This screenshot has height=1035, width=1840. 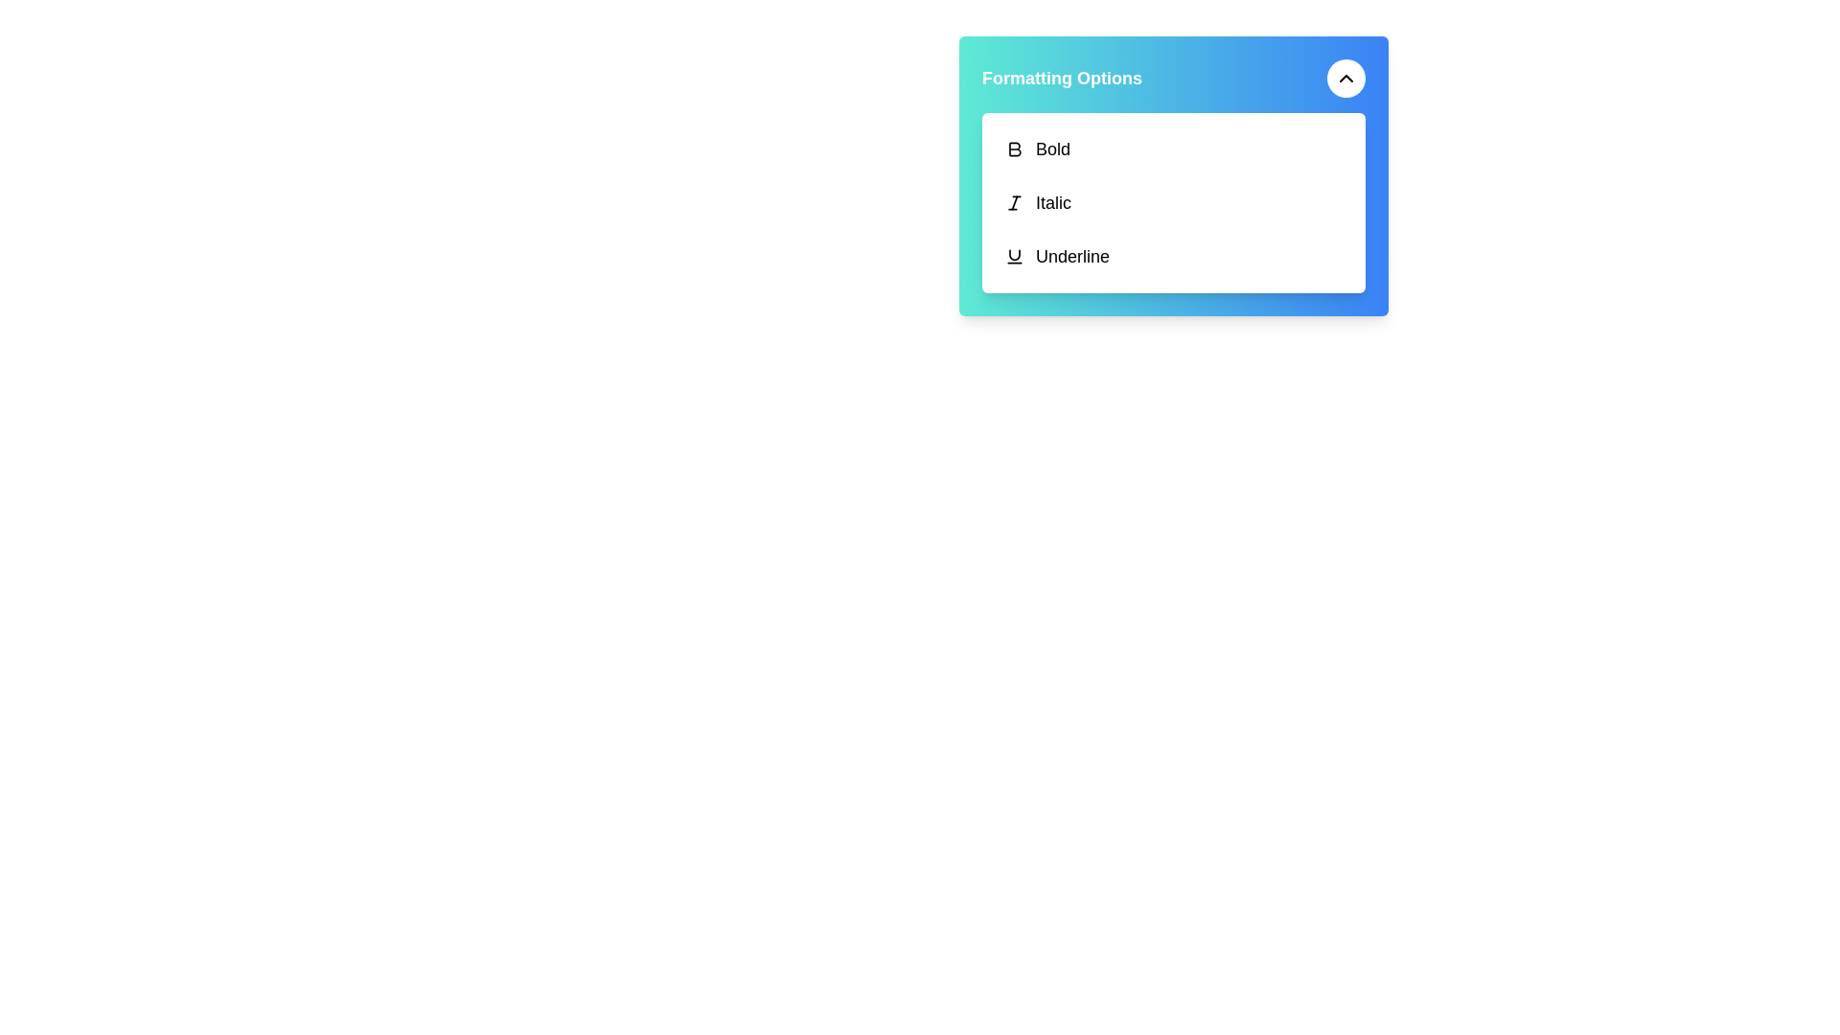 What do you see at coordinates (1052, 148) in the screenshot?
I see `the text label that identifies the bold formatting option in the formatting options panel, which is positioned to the right of the bold icon` at bounding box center [1052, 148].